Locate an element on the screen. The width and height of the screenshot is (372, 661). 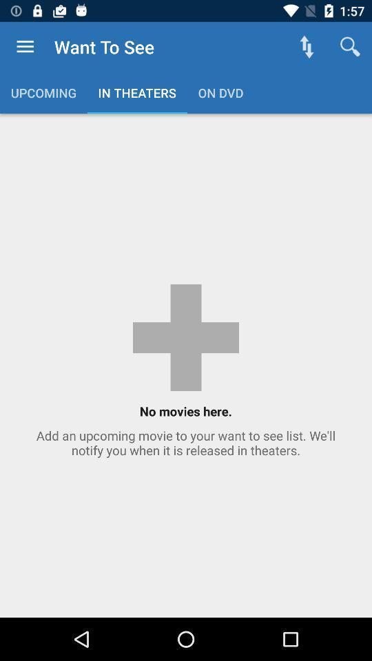
icon above the add an upcoming item is located at coordinates (350, 47).